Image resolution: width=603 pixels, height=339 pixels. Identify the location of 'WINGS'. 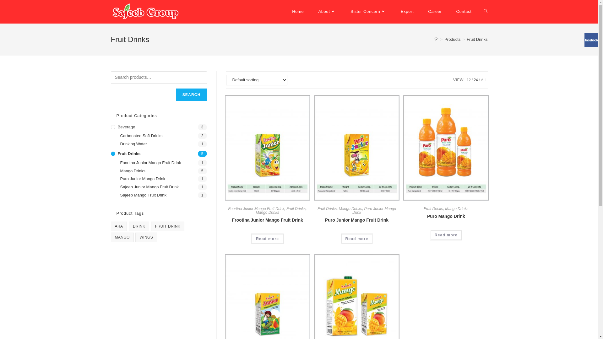
(146, 237).